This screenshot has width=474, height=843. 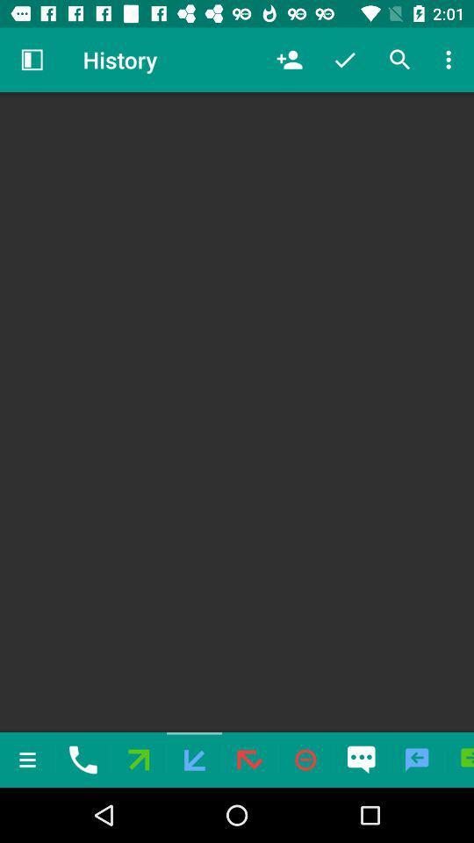 What do you see at coordinates (289, 60) in the screenshot?
I see `item next to history` at bounding box center [289, 60].